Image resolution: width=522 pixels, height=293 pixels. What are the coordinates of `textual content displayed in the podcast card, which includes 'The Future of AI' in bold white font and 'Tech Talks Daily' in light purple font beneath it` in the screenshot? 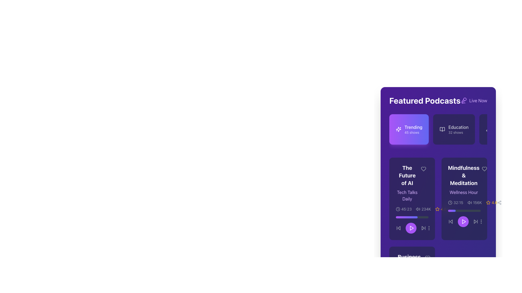 It's located at (407, 183).